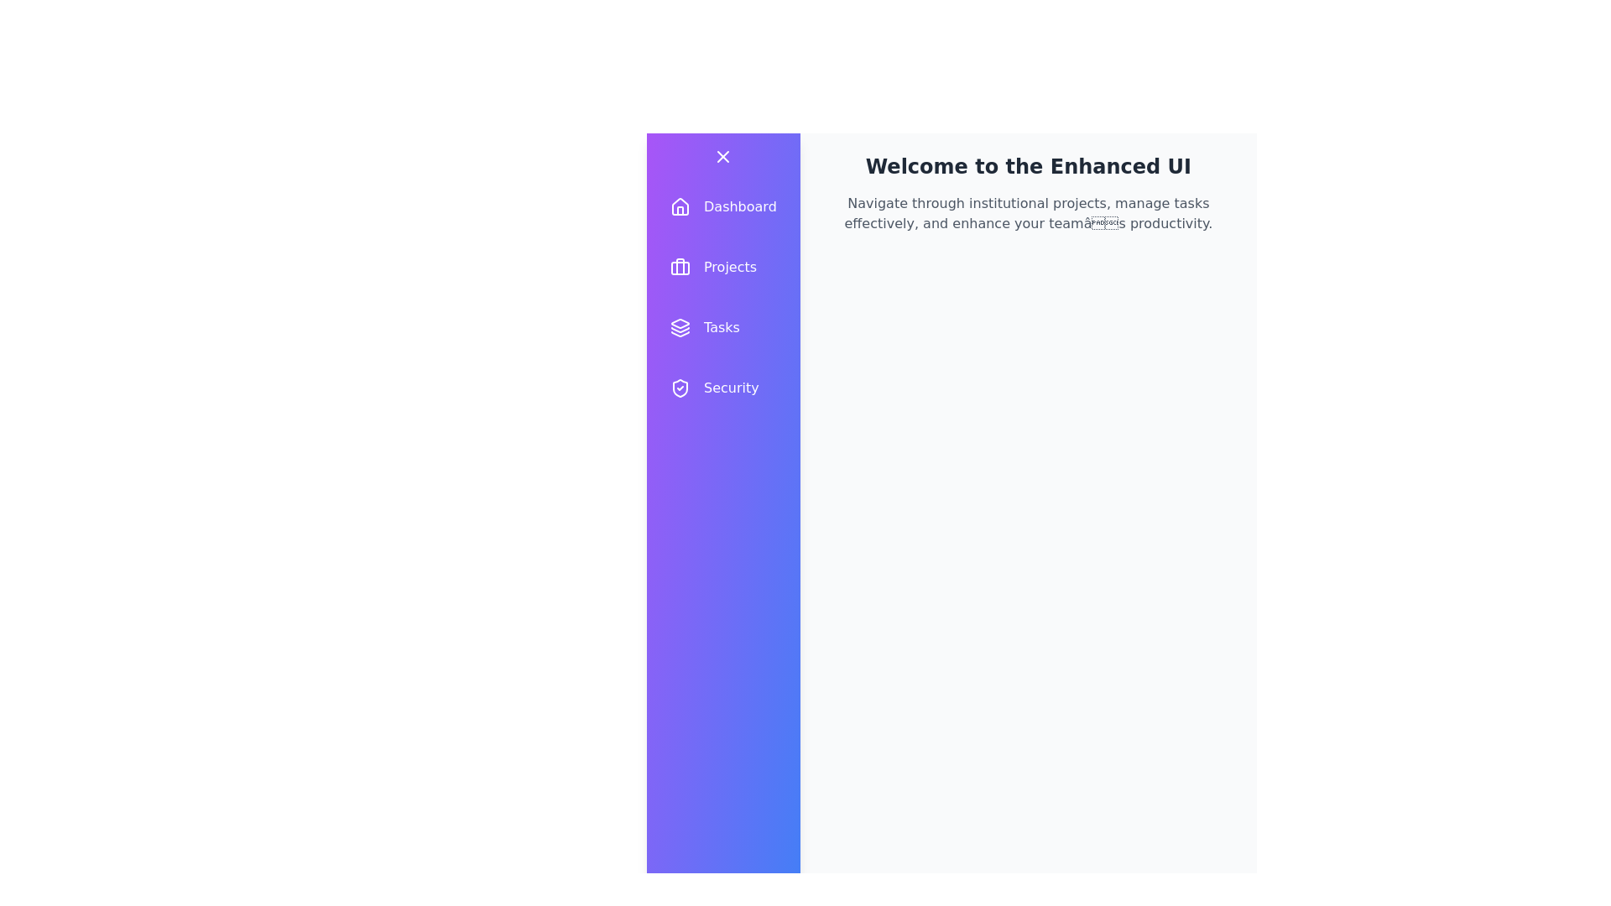  Describe the element at coordinates (723, 296) in the screenshot. I see `the 'Projects' item in the Sidebar Navigation Menu, which is the second item in the vertical arrangement on the left-hand side of the interface` at that location.